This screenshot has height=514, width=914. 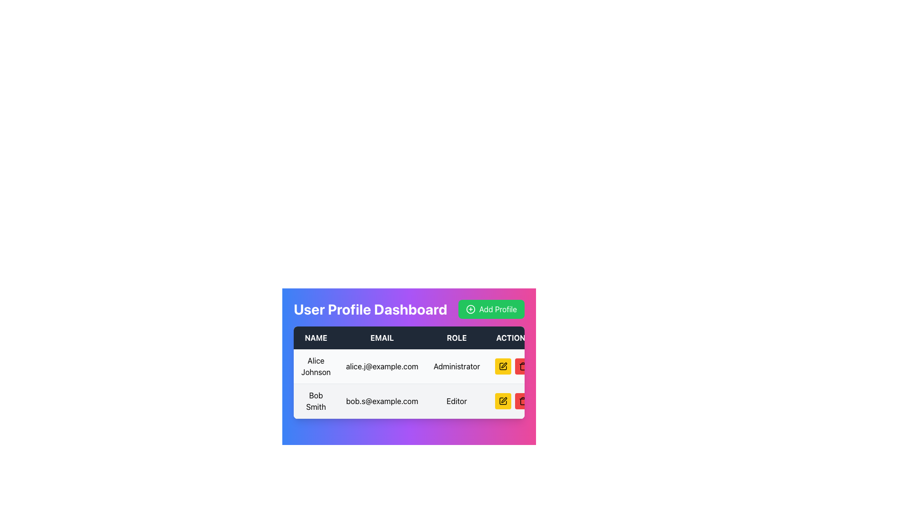 What do you see at coordinates (523, 401) in the screenshot?
I see `the red square-shaped button with rounded corners and a trash bin icon` at bounding box center [523, 401].